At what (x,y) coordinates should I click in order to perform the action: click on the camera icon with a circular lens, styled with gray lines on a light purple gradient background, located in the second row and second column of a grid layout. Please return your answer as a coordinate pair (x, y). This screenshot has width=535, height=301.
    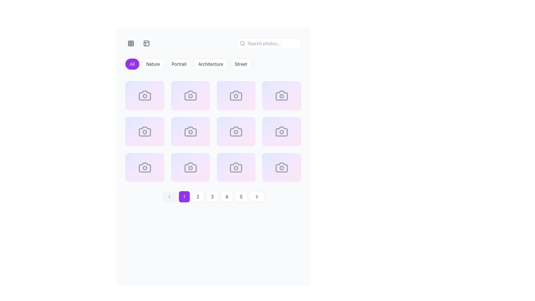
    Looking at the image, I should click on (190, 132).